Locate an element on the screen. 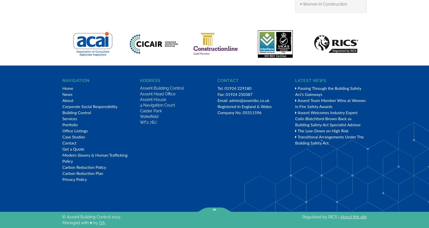  'Latest News' is located at coordinates (311, 80).